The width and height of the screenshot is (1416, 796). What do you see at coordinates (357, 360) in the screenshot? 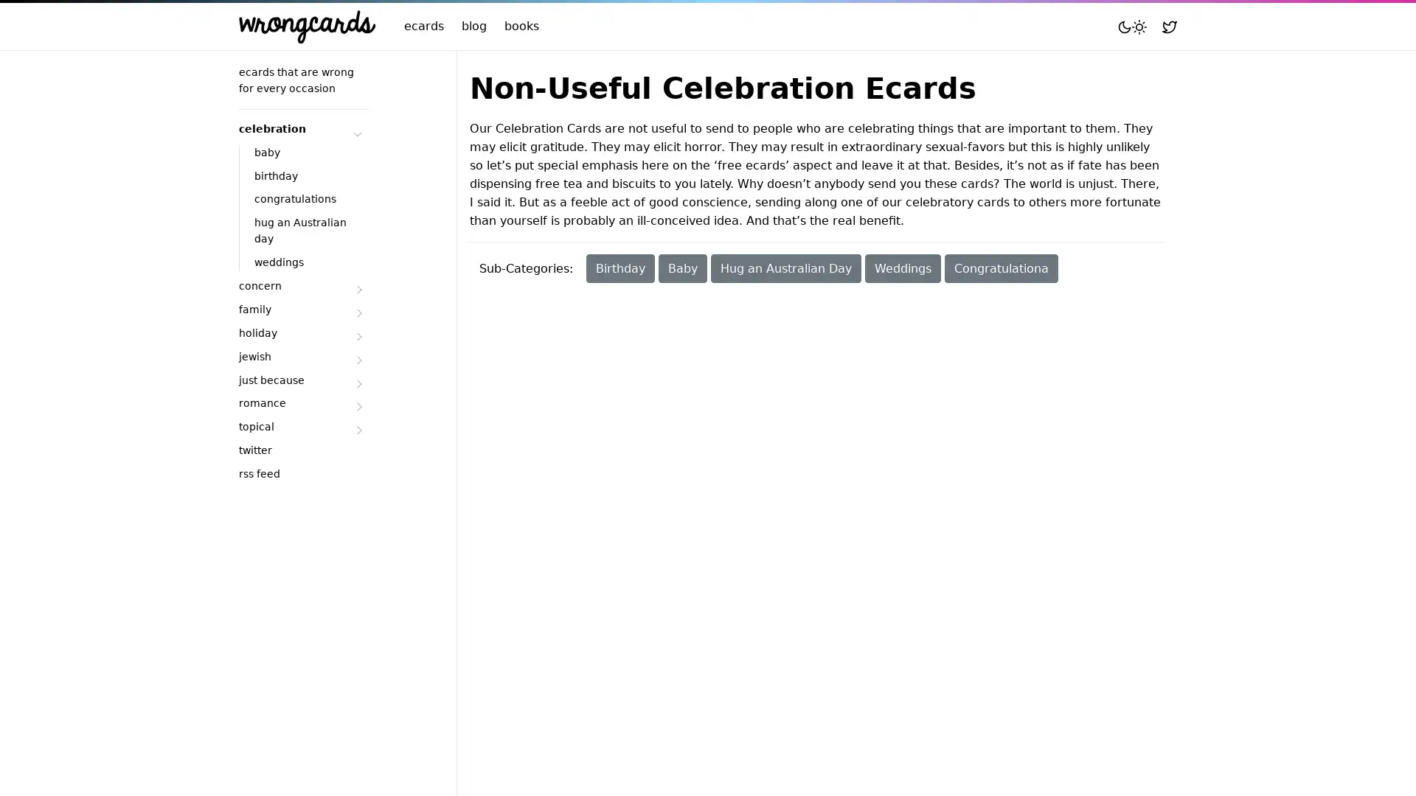
I see `Submenu` at bounding box center [357, 360].